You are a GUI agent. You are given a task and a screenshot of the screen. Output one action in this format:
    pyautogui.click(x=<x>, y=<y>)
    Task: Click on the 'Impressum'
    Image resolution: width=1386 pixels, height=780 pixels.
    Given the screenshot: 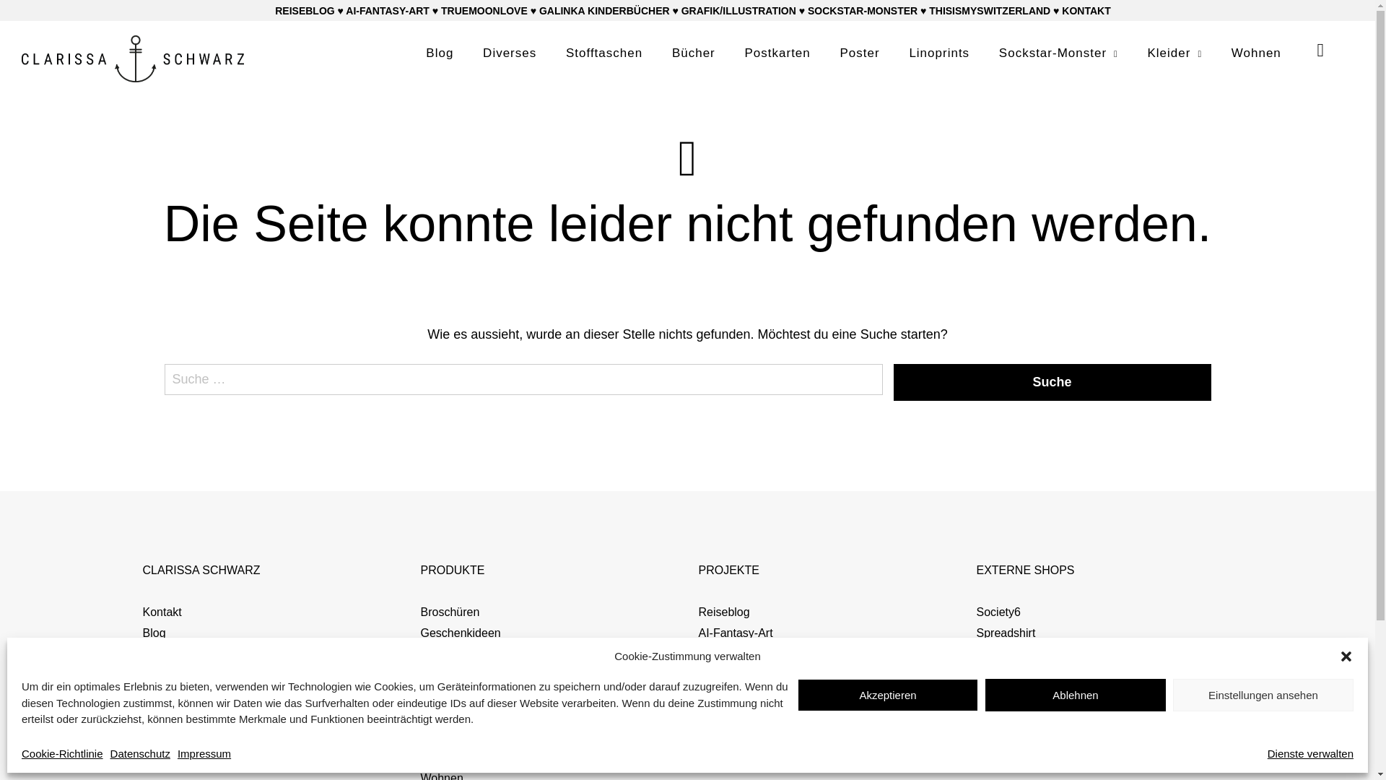 What is the action you would take?
    pyautogui.click(x=176, y=753)
    